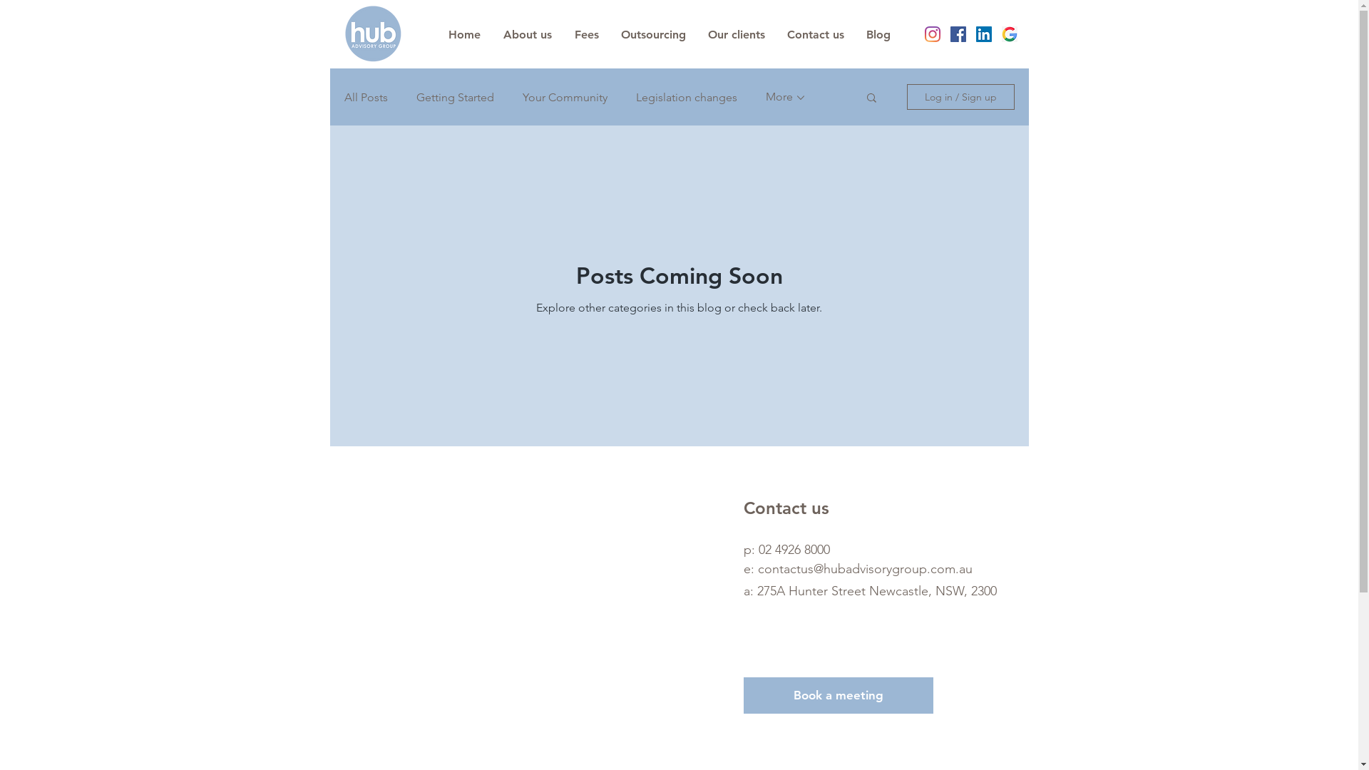  What do you see at coordinates (878, 34) in the screenshot?
I see `'Blog'` at bounding box center [878, 34].